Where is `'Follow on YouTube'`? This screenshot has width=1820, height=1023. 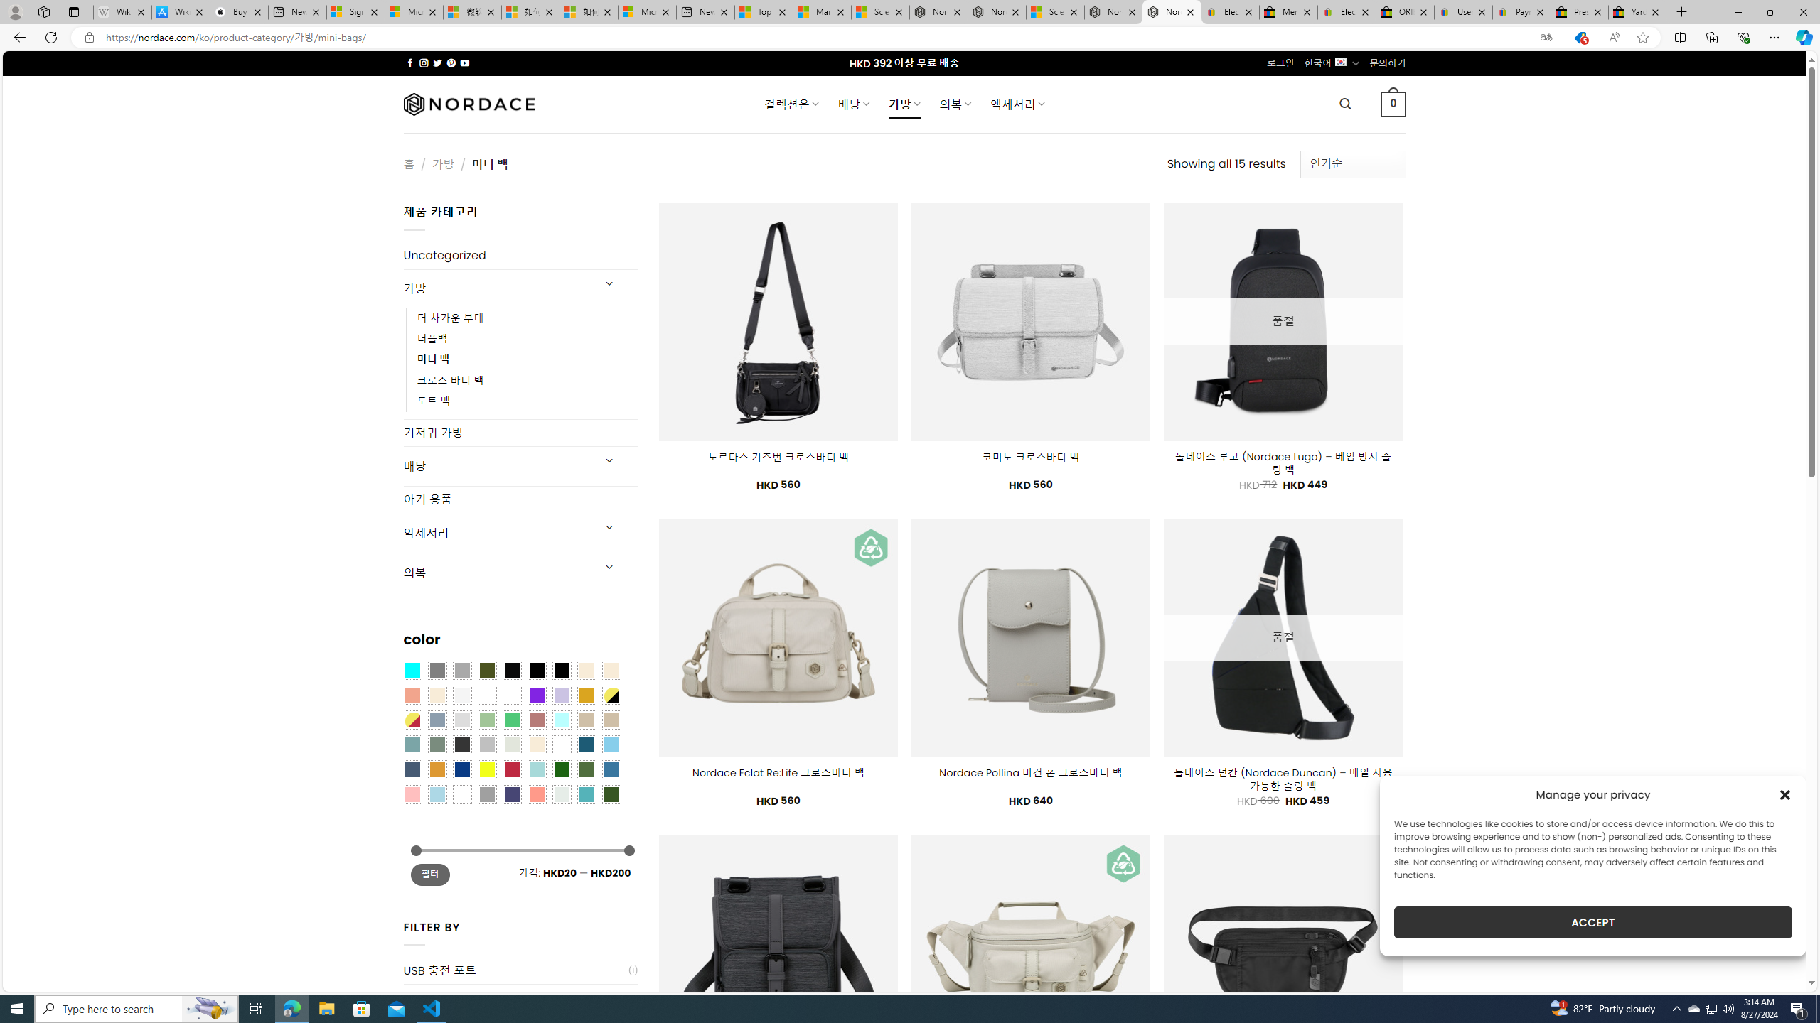 'Follow on YouTube' is located at coordinates (464, 63).